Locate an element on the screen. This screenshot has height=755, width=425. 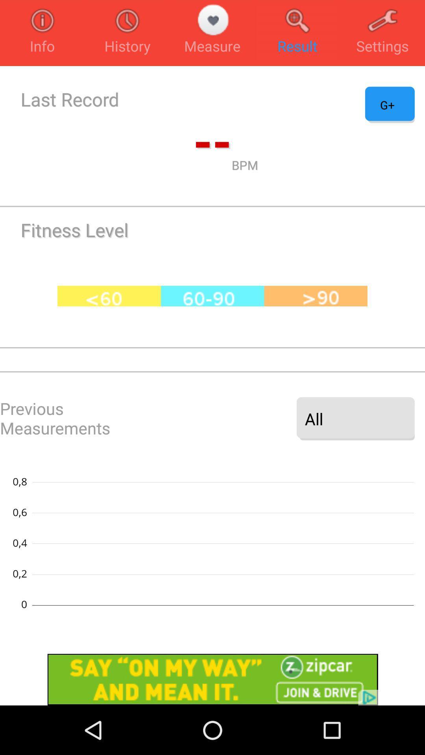
zip car is located at coordinates (213, 679).